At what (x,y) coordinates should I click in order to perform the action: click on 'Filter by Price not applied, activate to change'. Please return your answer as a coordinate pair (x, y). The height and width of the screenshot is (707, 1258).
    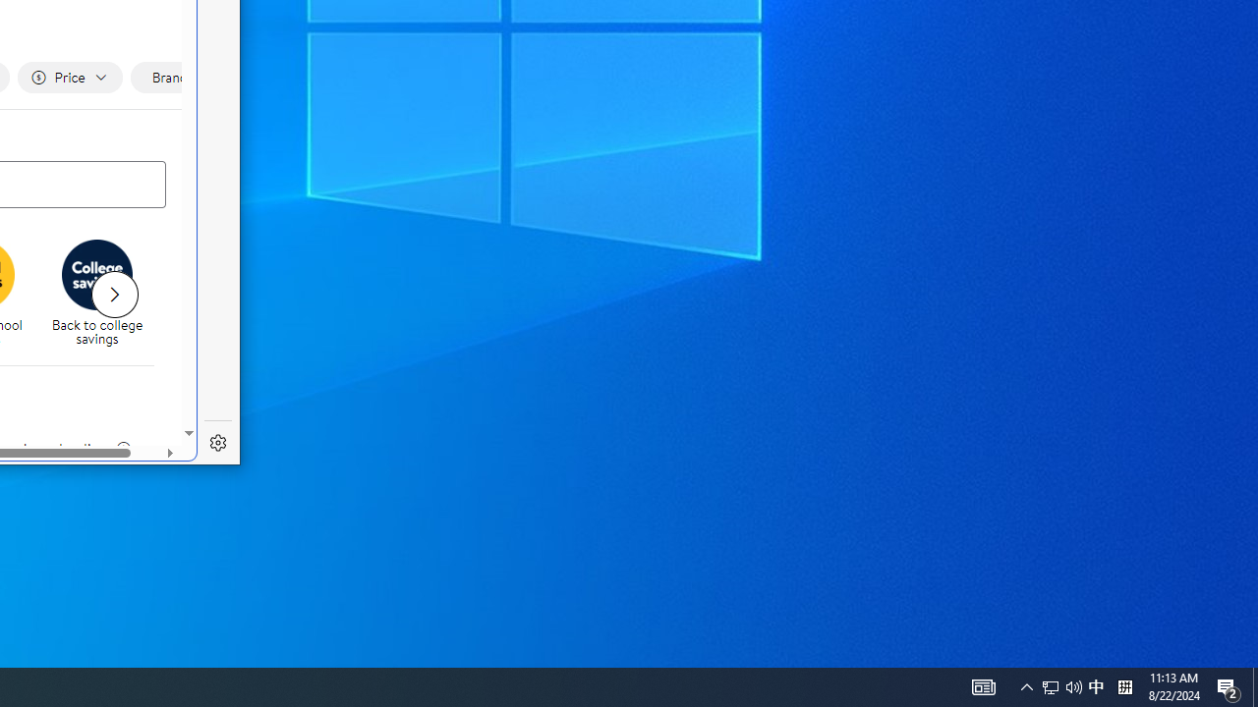
    Looking at the image, I should click on (70, 77).